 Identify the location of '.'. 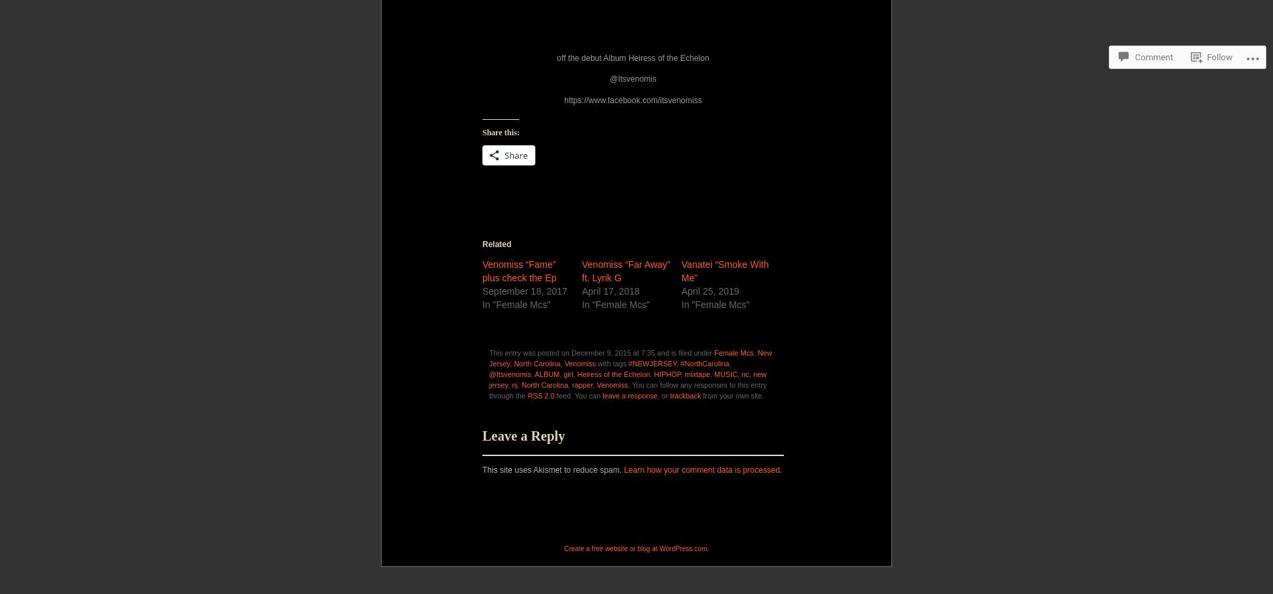
(781, 578).